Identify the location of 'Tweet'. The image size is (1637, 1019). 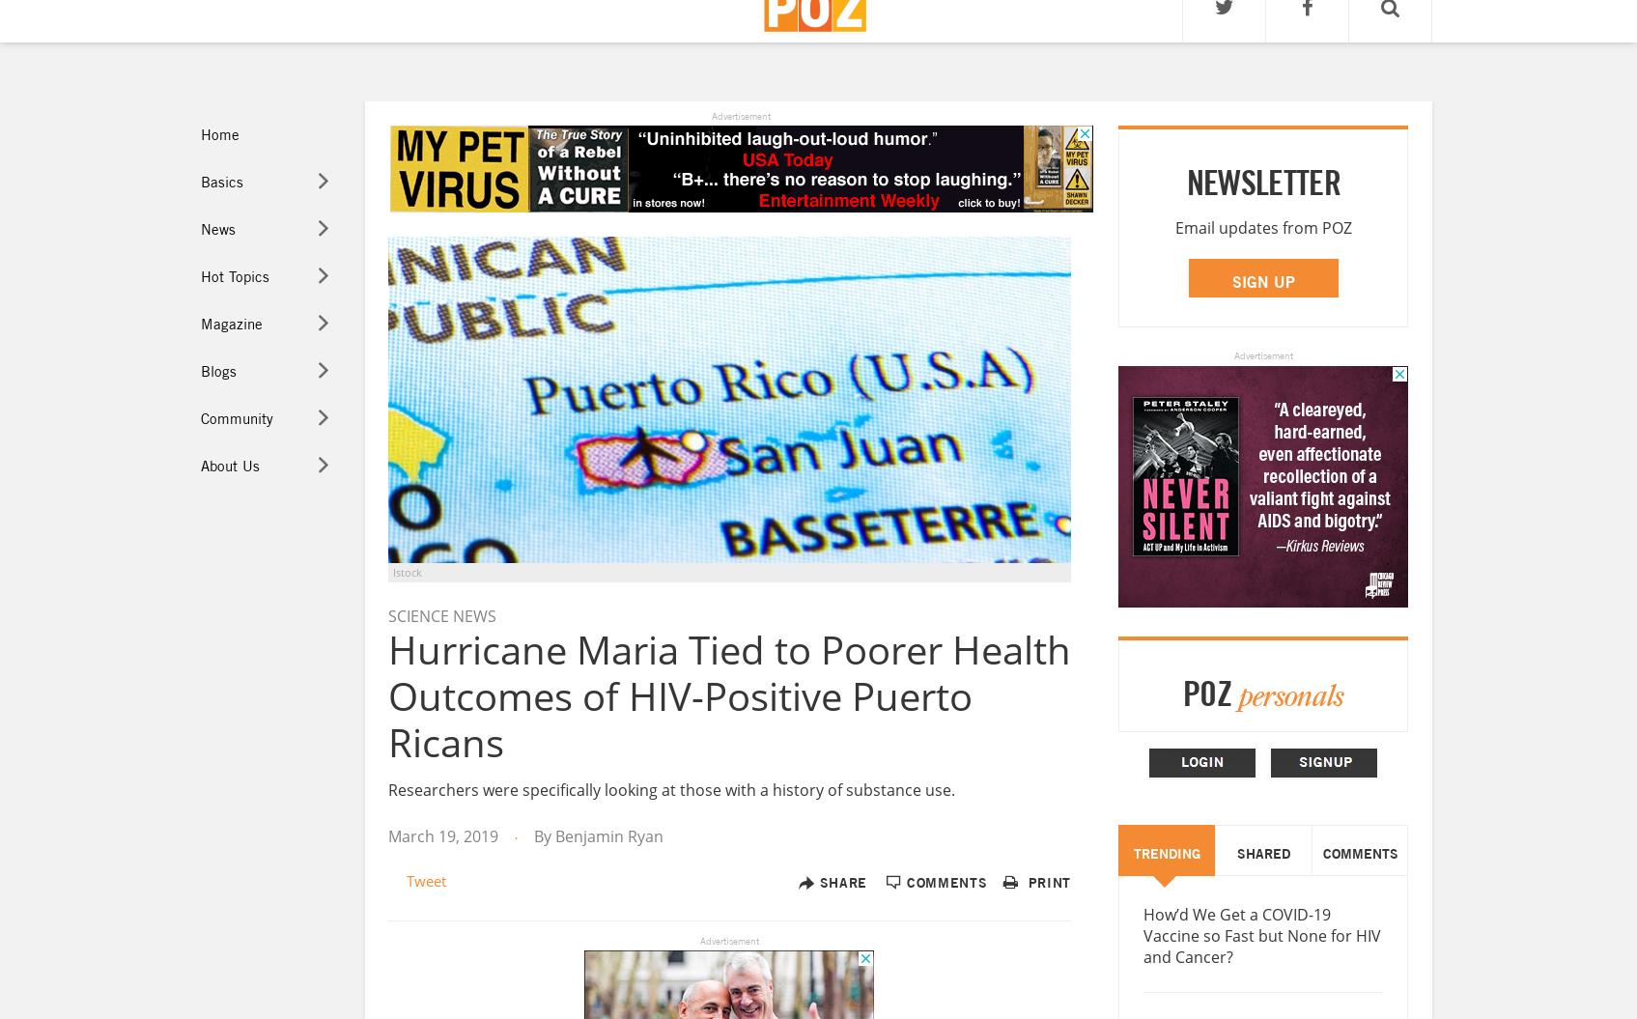
(406, 878).